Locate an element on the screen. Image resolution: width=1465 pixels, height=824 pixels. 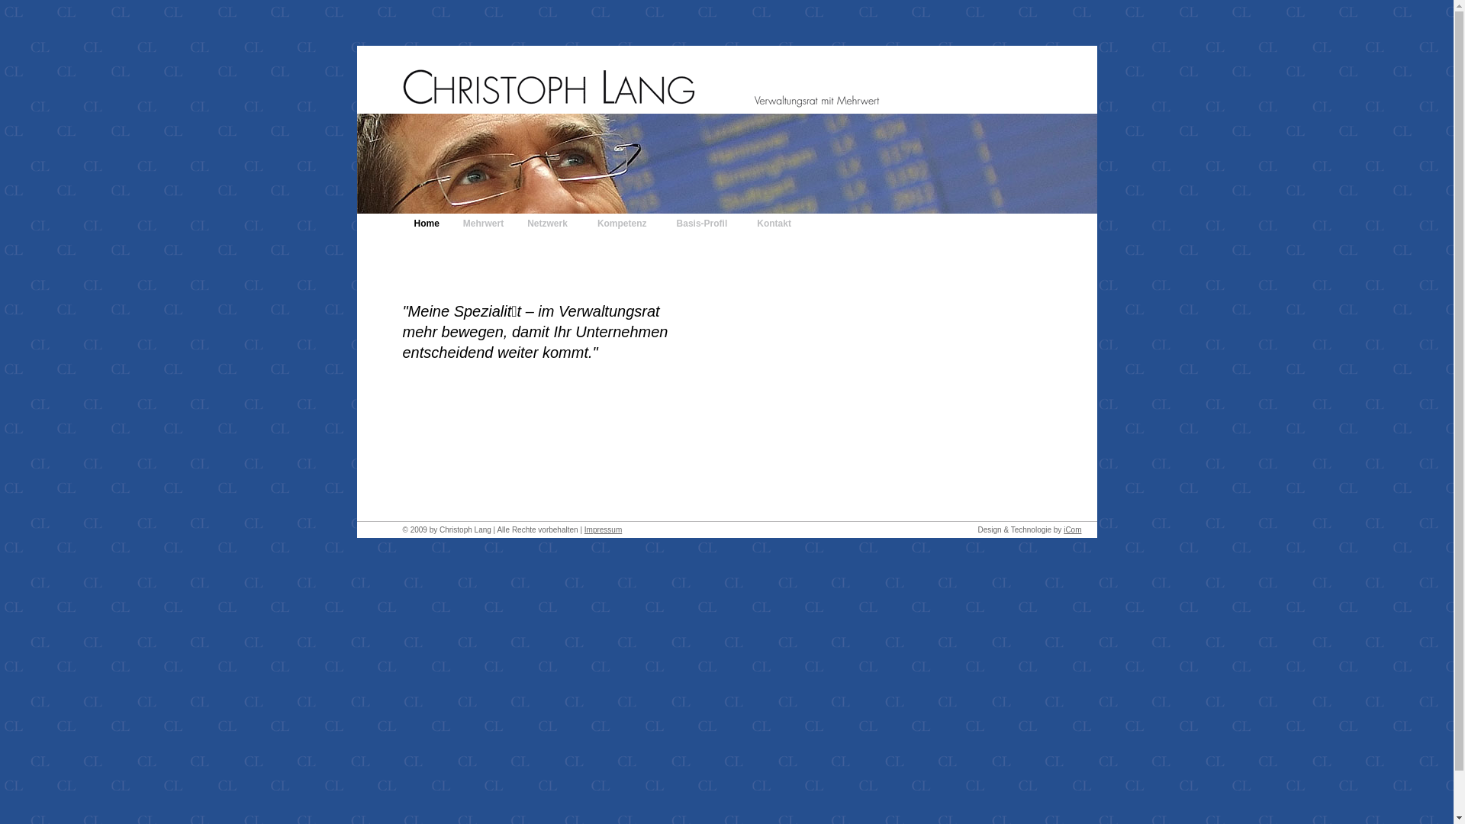
'Mehrwert' is located at coordinates (482, 224).